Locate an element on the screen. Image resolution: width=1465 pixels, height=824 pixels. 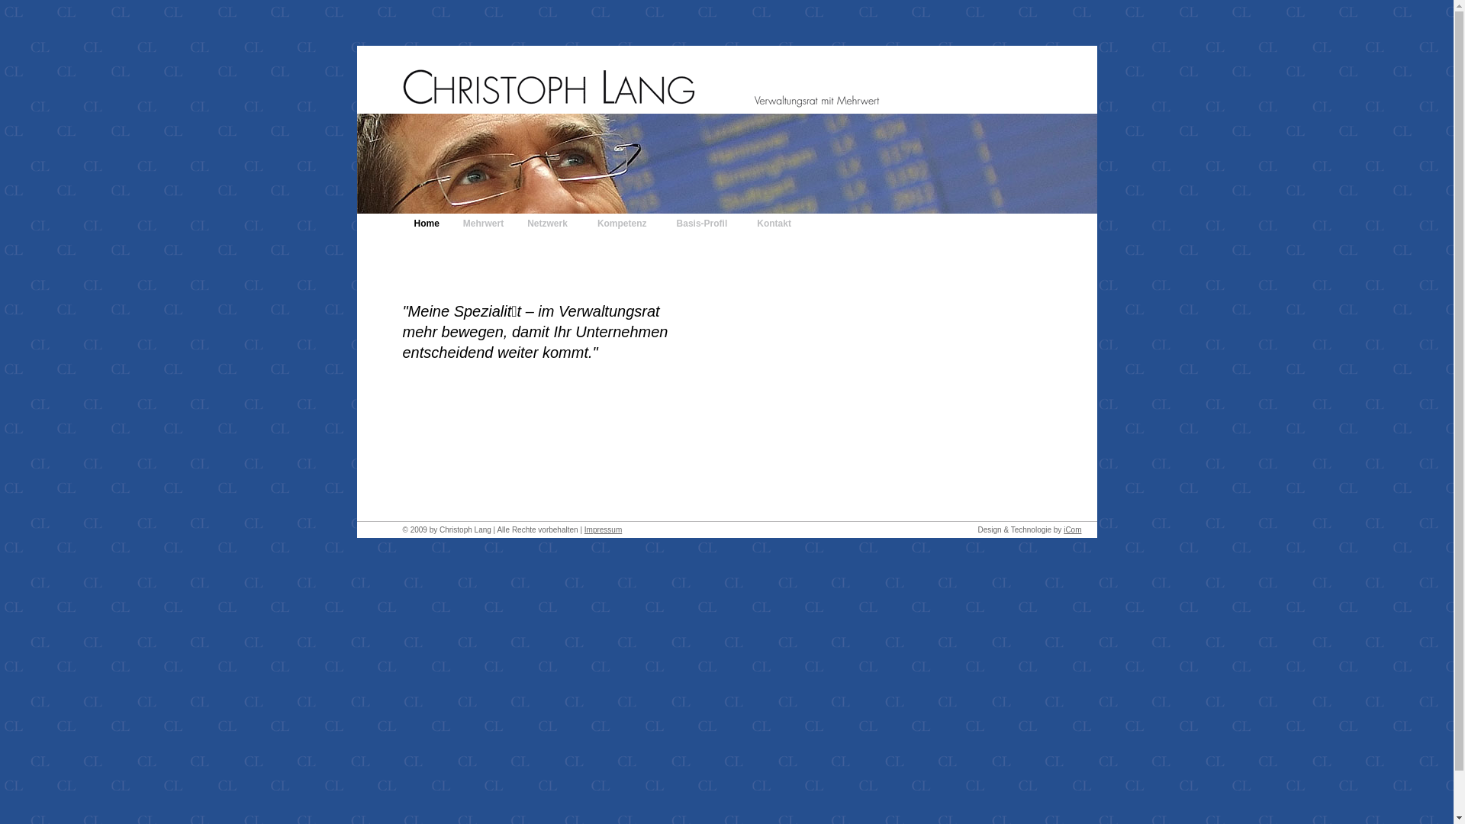
'Mehrwert' is located at coordinates (482, 224).